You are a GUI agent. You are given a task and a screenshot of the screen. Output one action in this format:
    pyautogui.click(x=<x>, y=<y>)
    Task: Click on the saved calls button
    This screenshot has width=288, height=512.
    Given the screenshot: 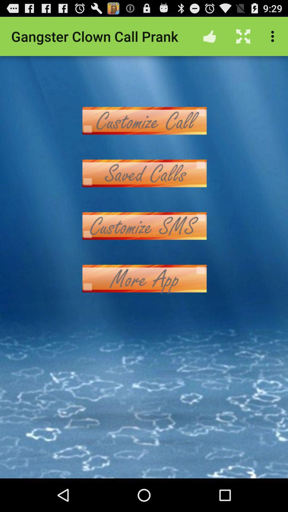 What is the action you would take?
    pyautogui.click(x=144, y=173)
    